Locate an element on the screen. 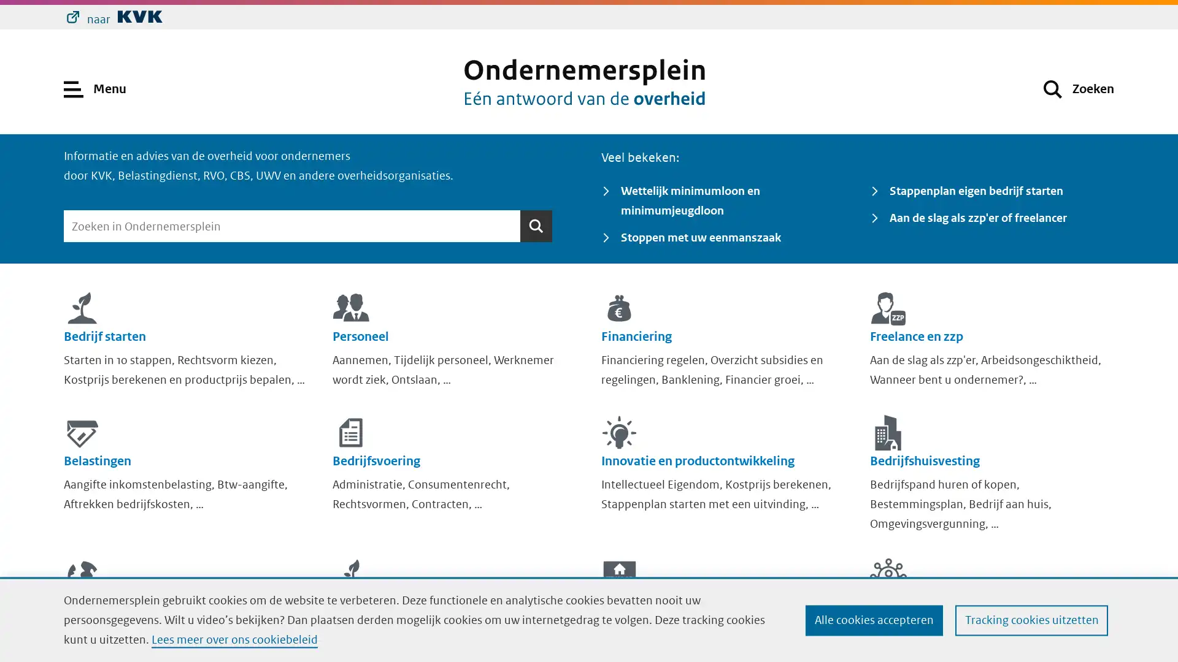 The height and width of the screenshot is (662, 1178). Alle cookies accepteren is located at coordinates (874, 620).